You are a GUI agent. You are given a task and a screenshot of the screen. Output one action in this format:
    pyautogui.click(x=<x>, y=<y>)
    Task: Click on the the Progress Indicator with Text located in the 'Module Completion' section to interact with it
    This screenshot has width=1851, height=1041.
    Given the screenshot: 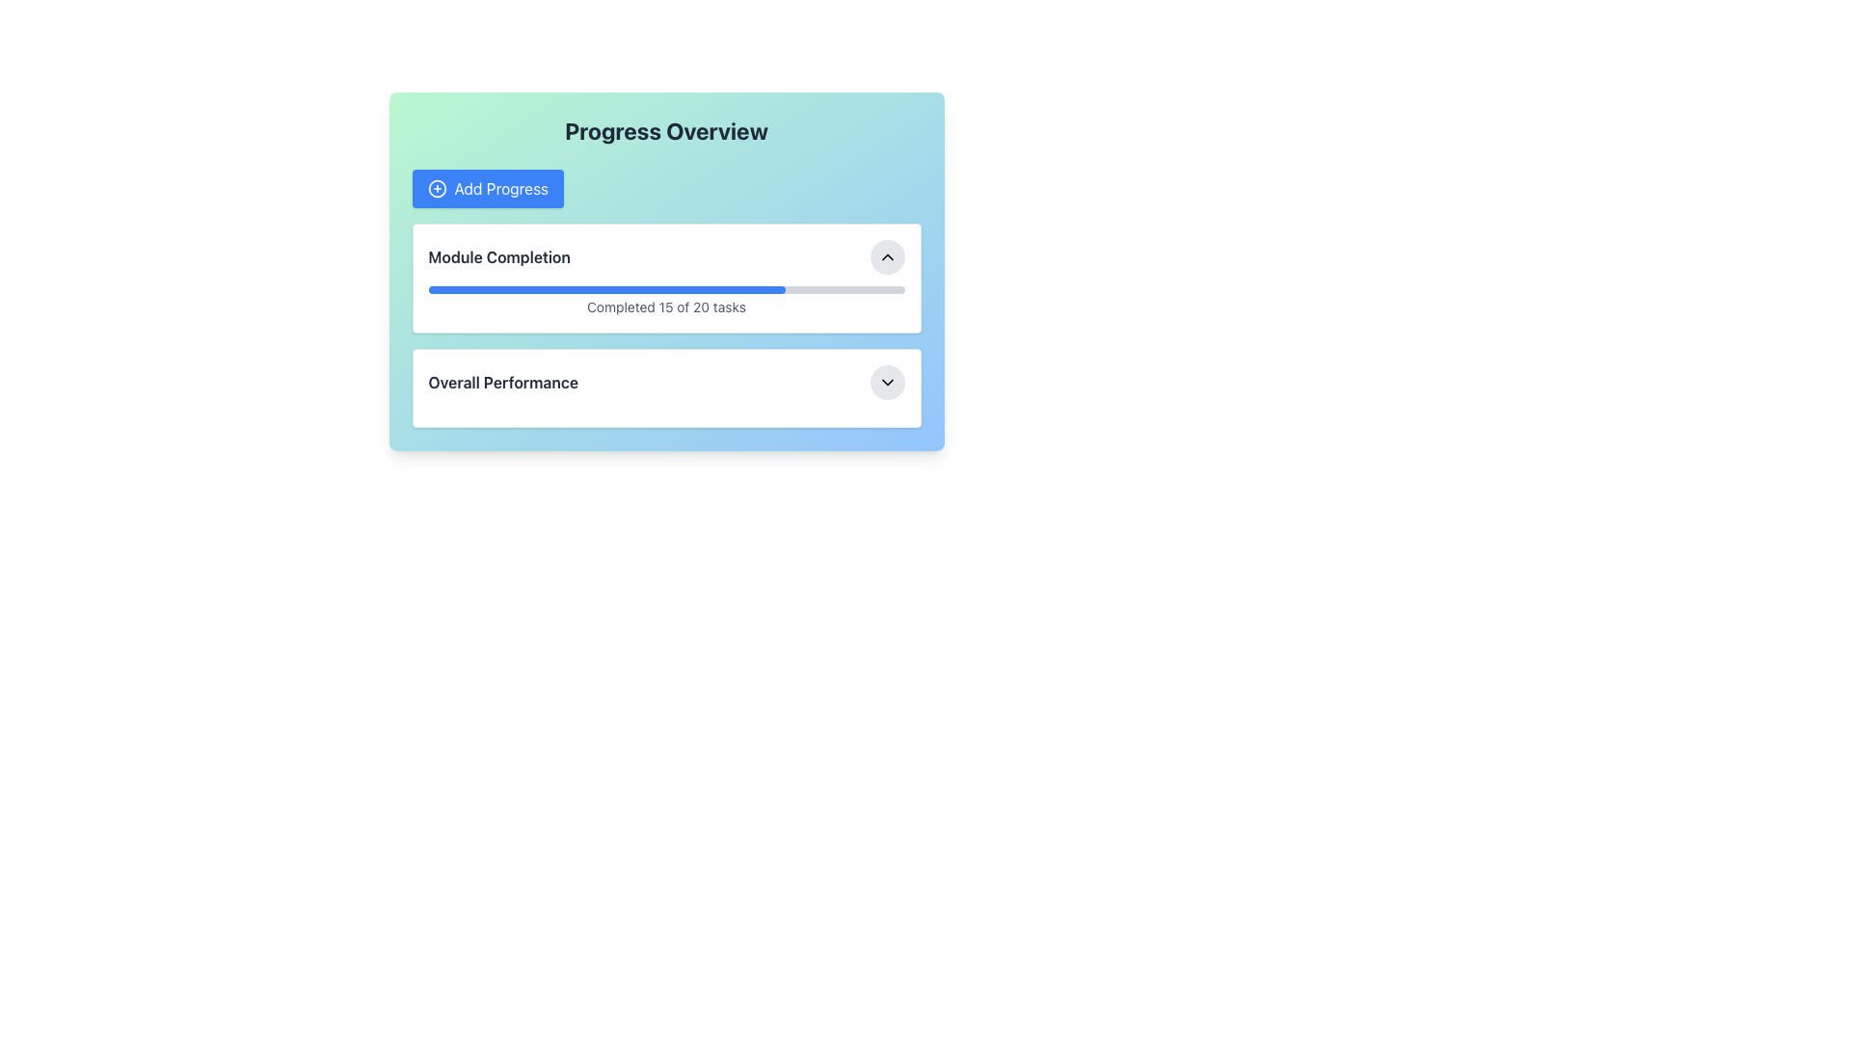 What is the action you would take?
    pyautogui.click(x=666, y=301)
    